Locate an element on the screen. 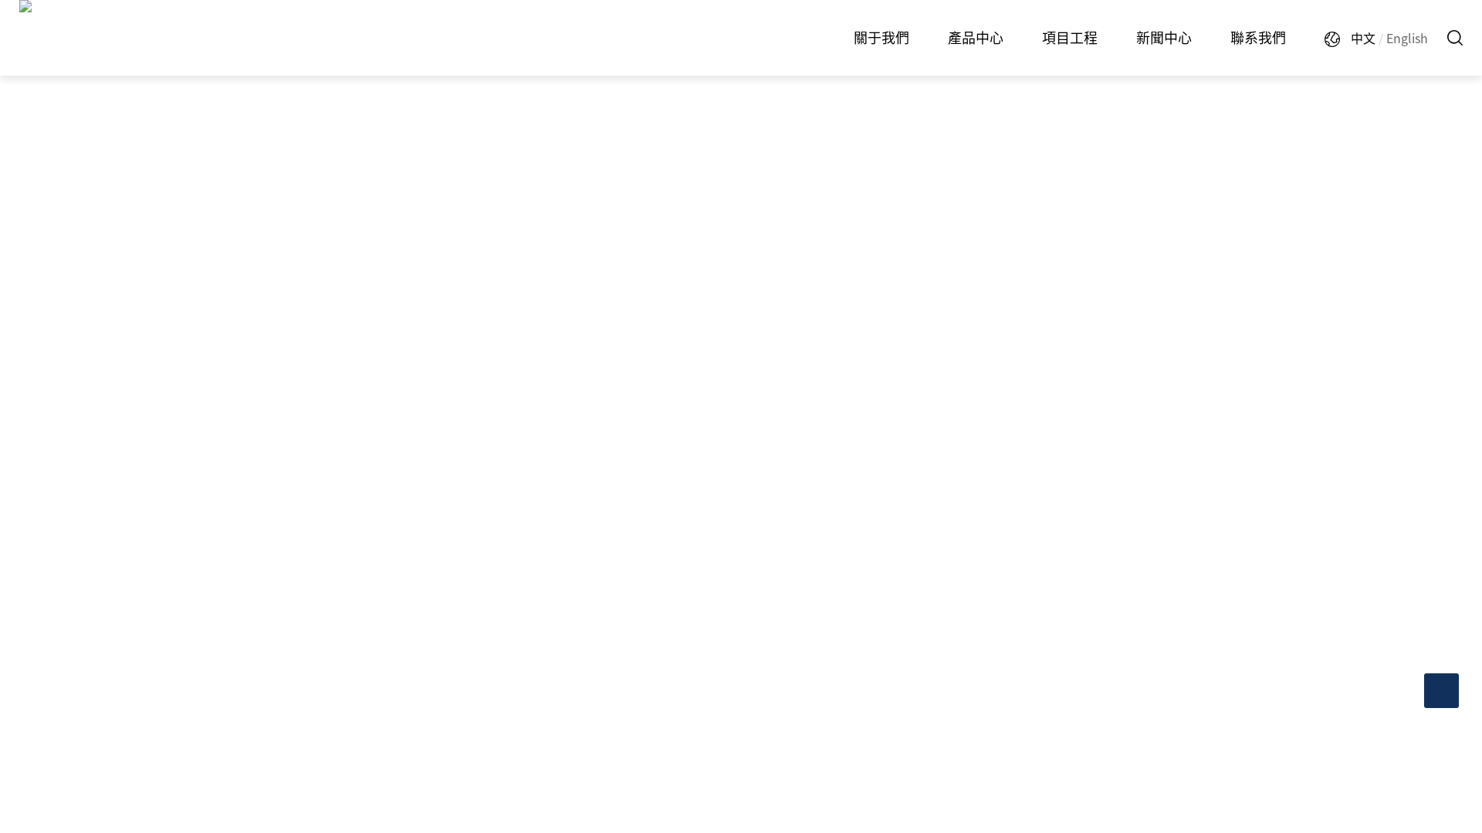 The height and width of the screenshot is (833, 1482). 'English' is located at coordinates (1407, 37).